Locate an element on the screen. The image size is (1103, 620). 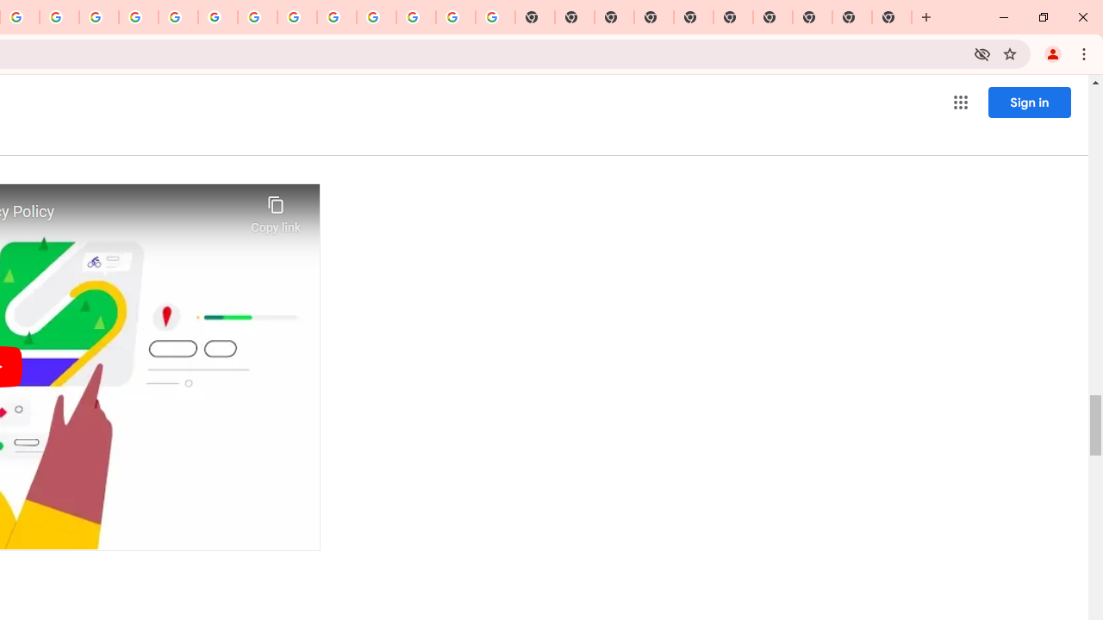
'Privacy Help Center - Policies Help' is located at coordinates (139, 17).